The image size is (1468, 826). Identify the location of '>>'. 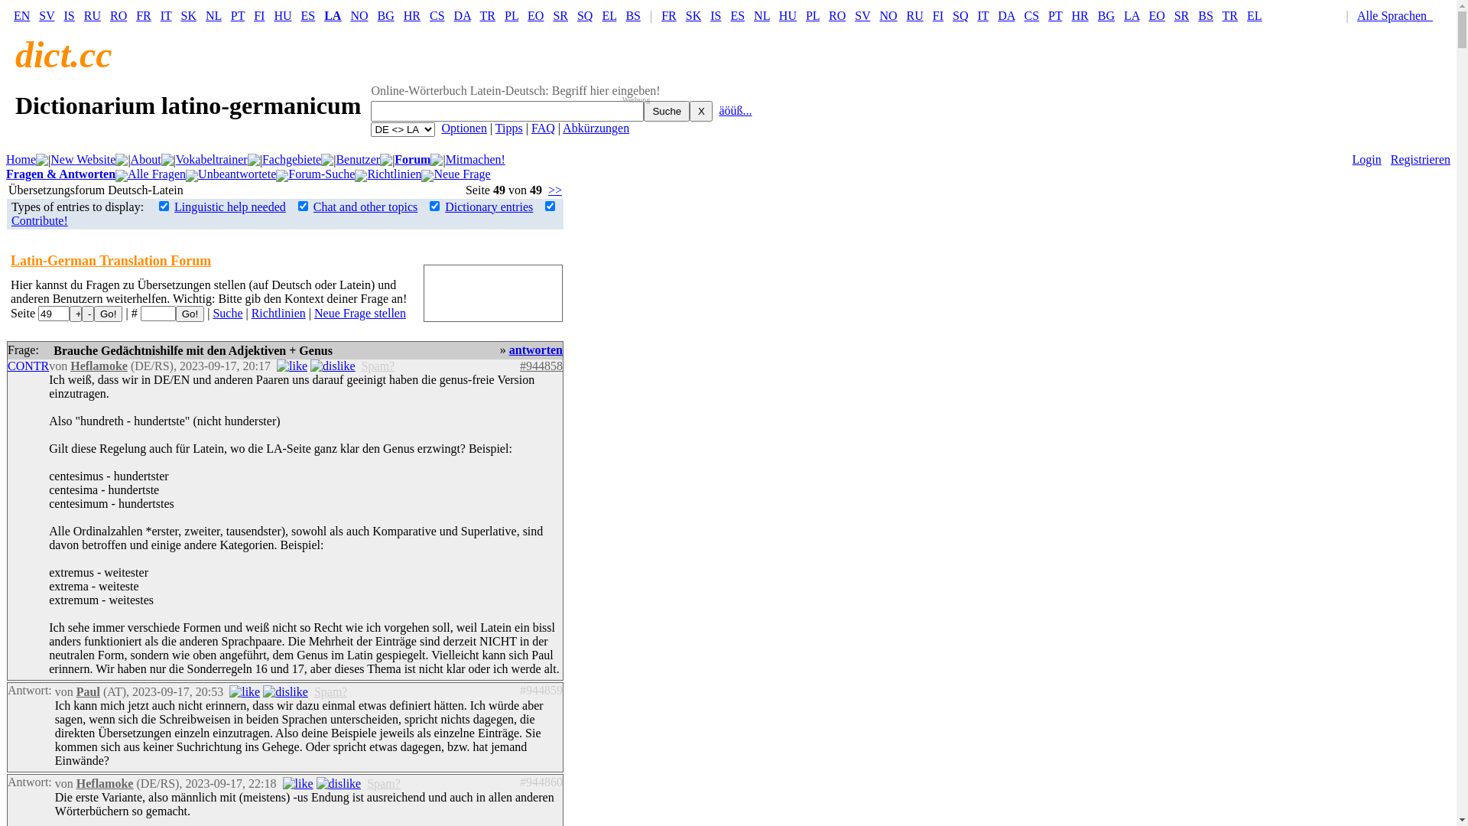
(554, 189).